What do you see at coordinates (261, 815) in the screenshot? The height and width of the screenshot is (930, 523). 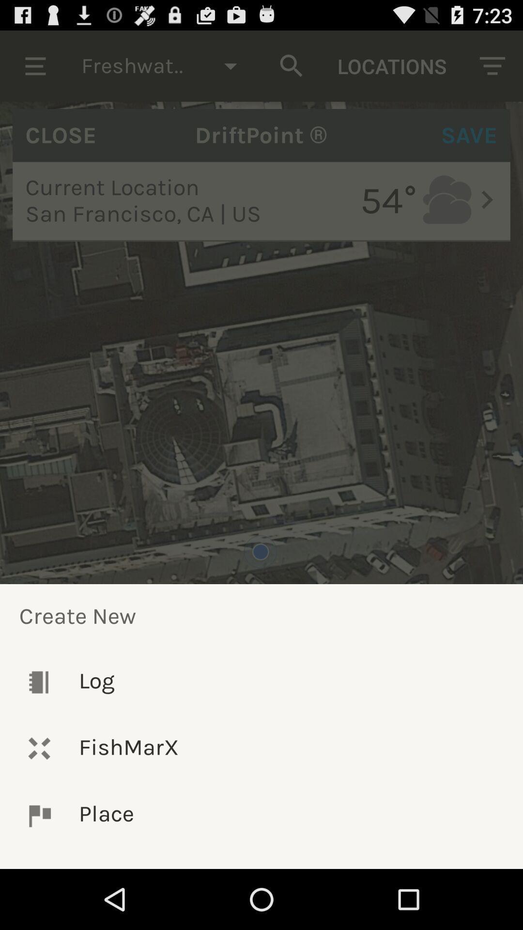 I see `the place item` at bounding box center [261, 815].